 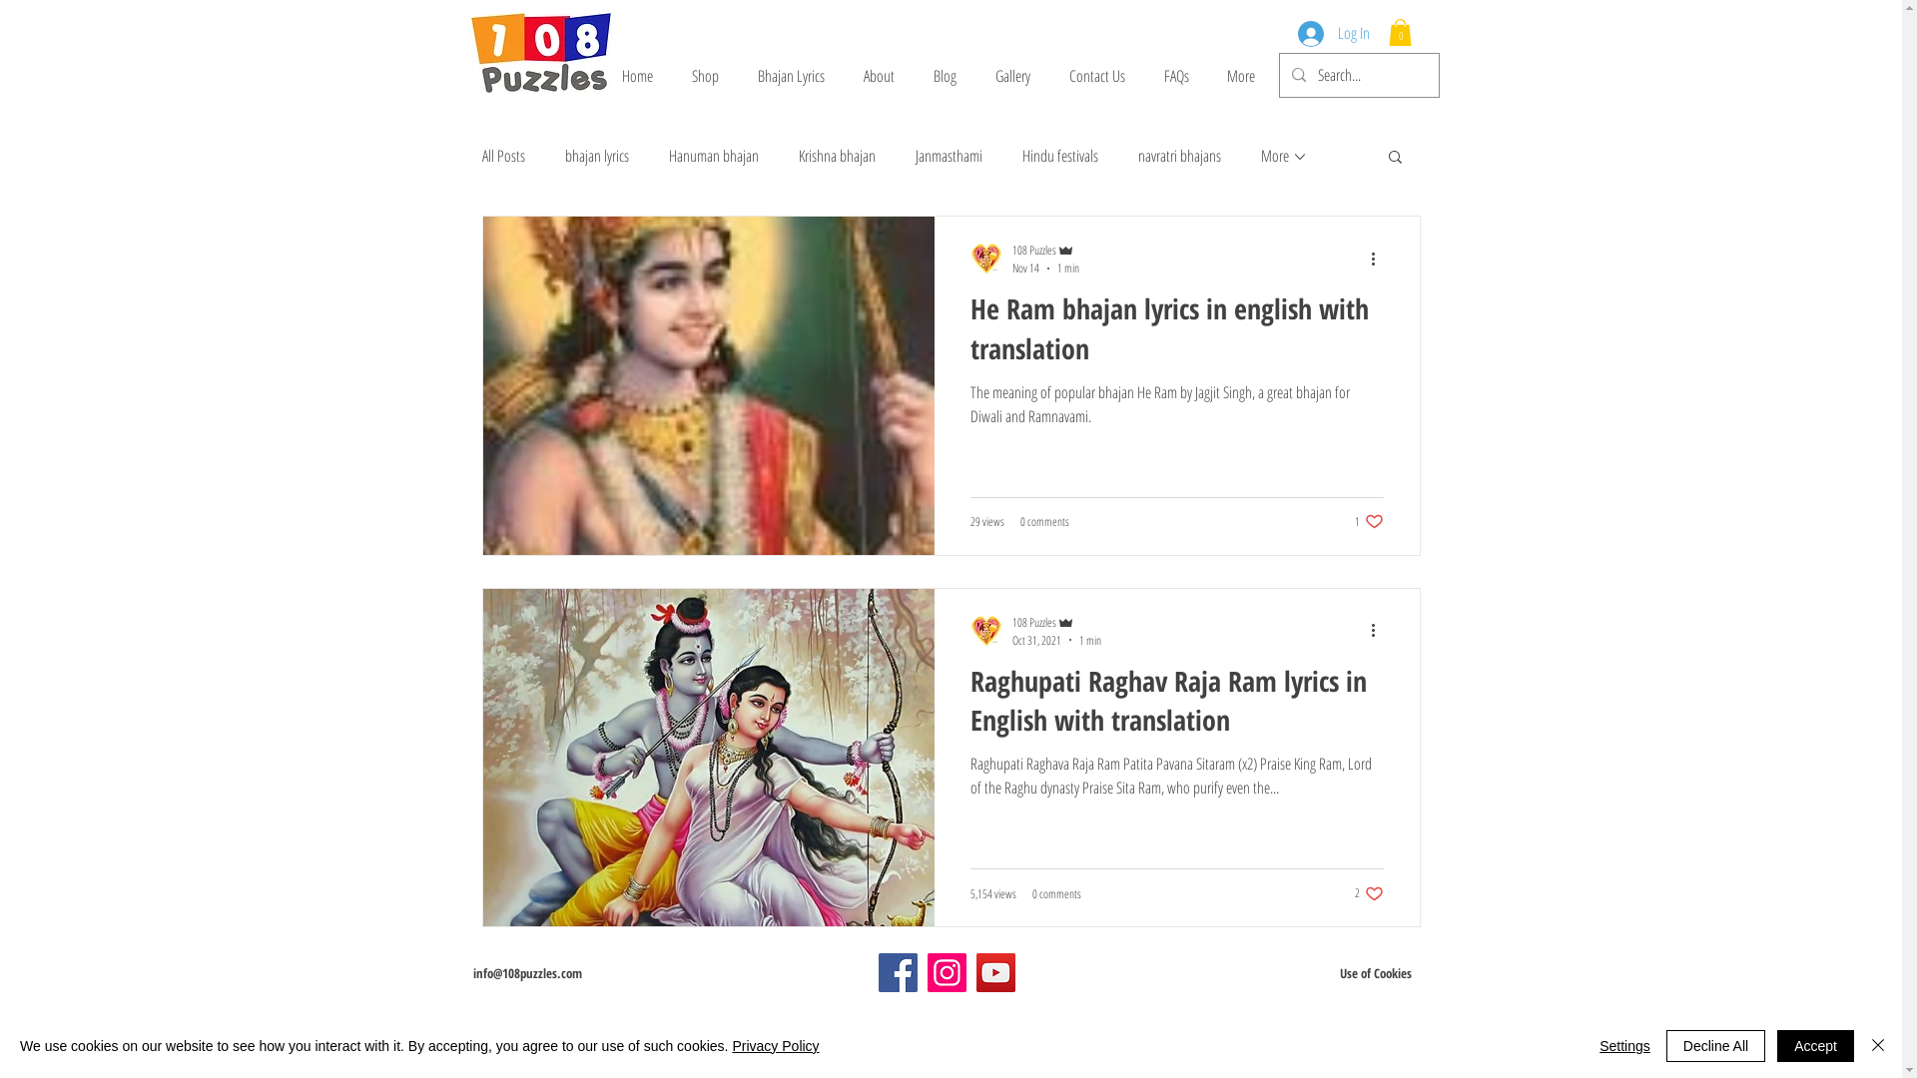 What do you see at coordinates (502, 154) in the screenshot?
I see `'All Posts'` at bounding box center [502, 154].